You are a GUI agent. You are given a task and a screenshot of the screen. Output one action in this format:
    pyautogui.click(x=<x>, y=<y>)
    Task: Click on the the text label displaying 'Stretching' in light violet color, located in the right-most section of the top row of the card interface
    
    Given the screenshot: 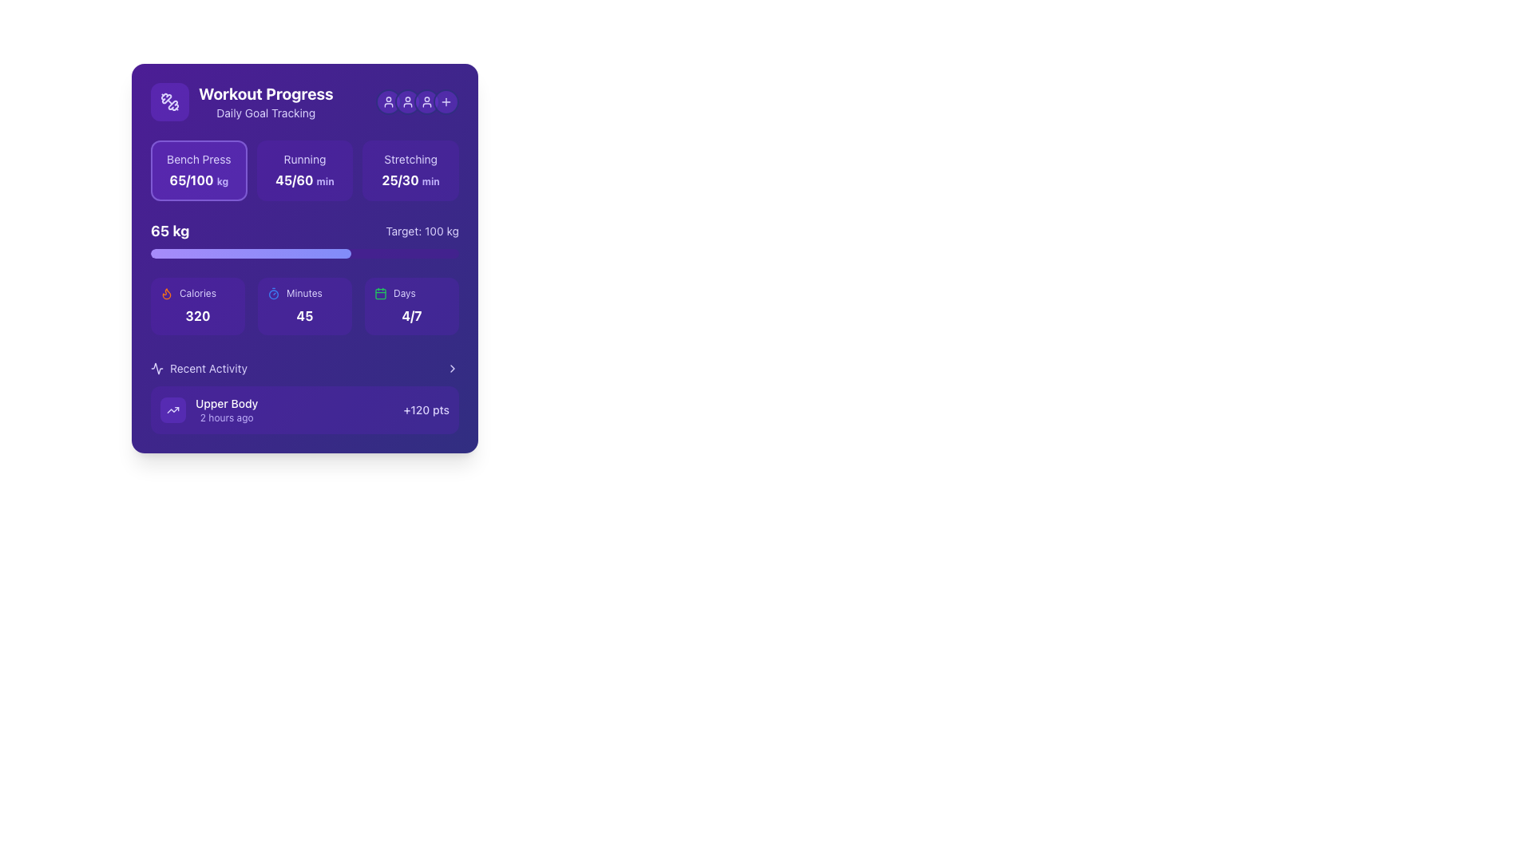 What is the action you would take?
    pyautogui.click(x=410, y=160)
    